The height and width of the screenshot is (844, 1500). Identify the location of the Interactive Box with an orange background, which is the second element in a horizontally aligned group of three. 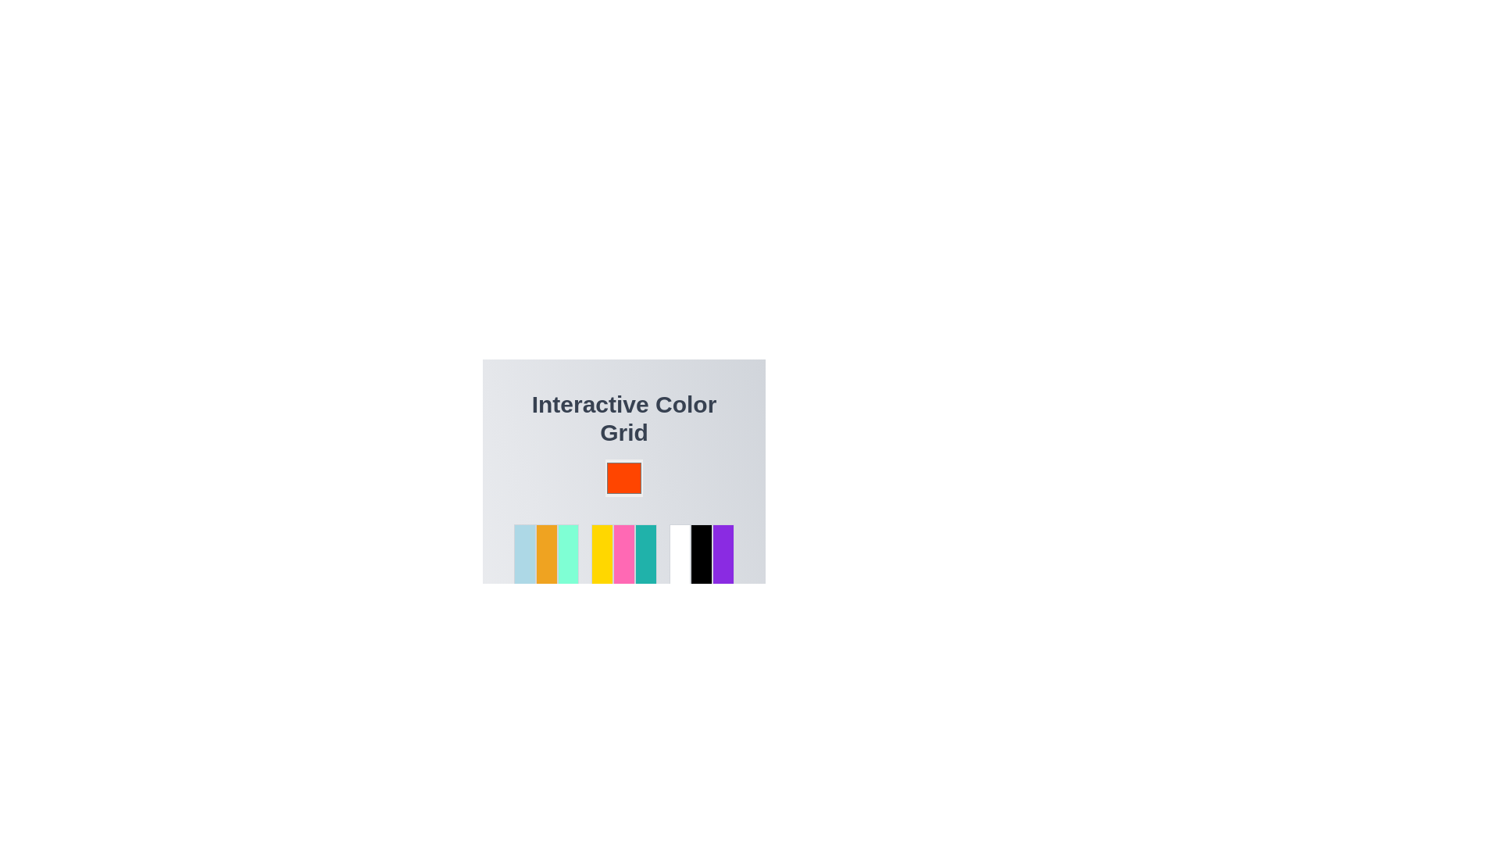
(546, 554).